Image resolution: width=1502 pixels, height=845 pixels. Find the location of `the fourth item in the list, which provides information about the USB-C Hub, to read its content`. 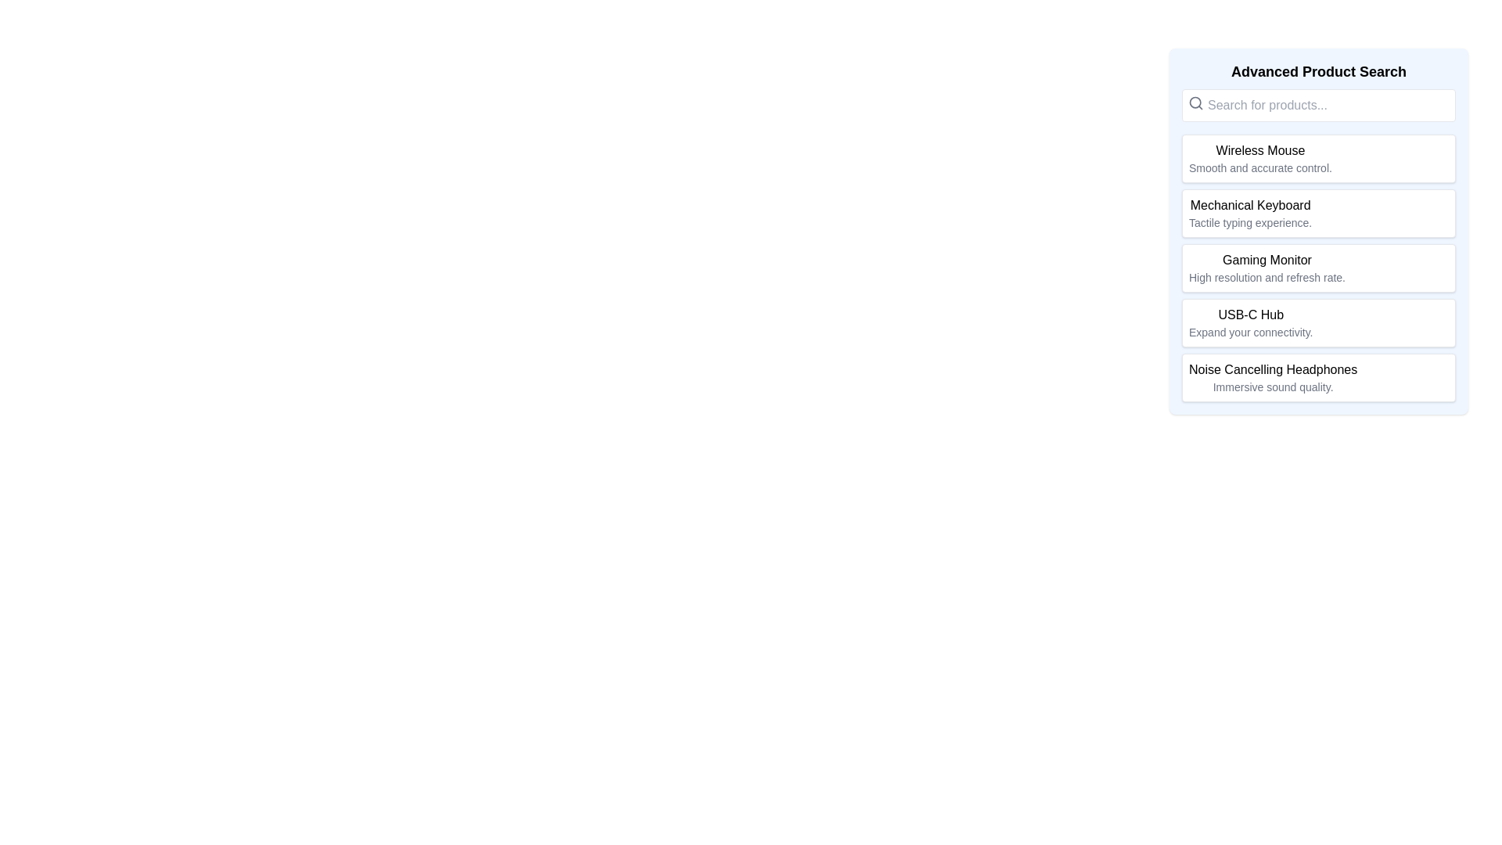

the fourth item in the list, which provides information about the USB-C Hub, to read its content is located at coordinates (1250, 322).